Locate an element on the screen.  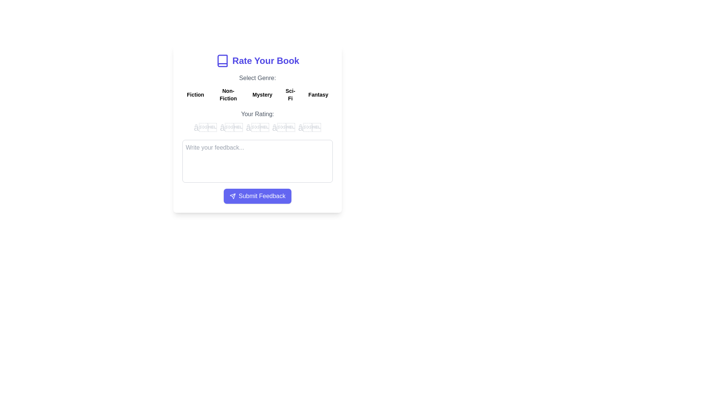
the first gray star icon used for the rating system is located at coordinates (205, 127).